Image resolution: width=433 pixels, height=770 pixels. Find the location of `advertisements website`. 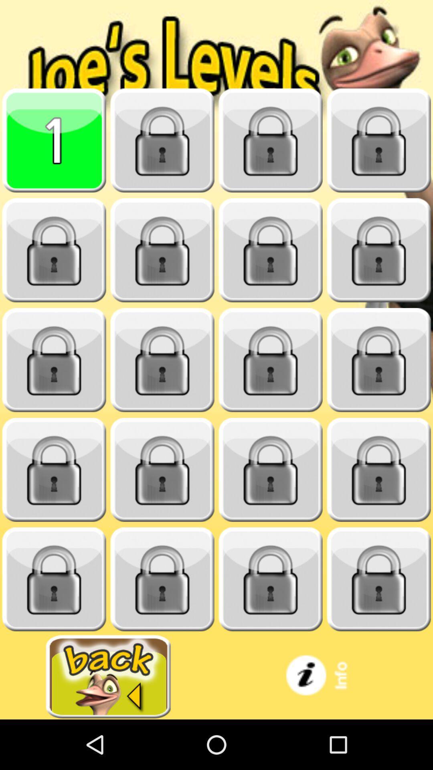

advertisements website is located at coordinates (108, 676).